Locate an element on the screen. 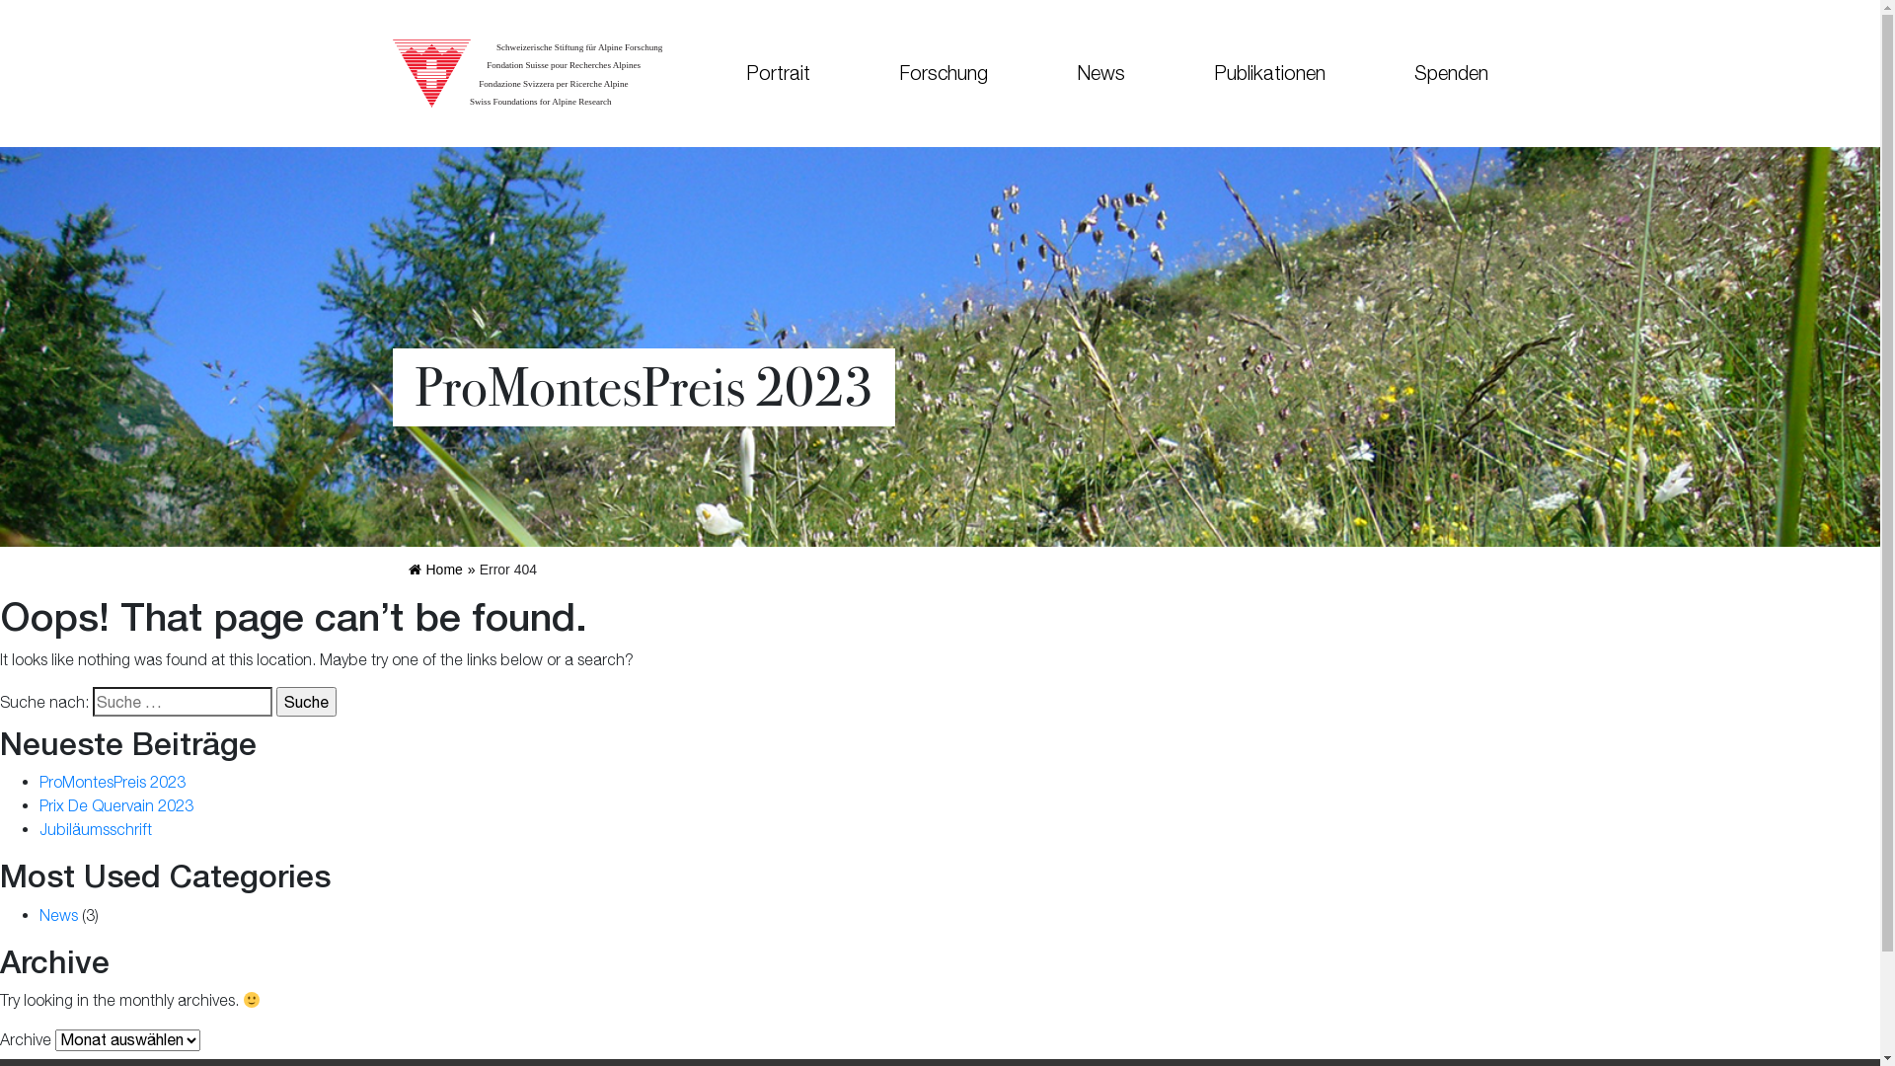  'ProMontesPreis 2023' is located at coordinates (112, 780).